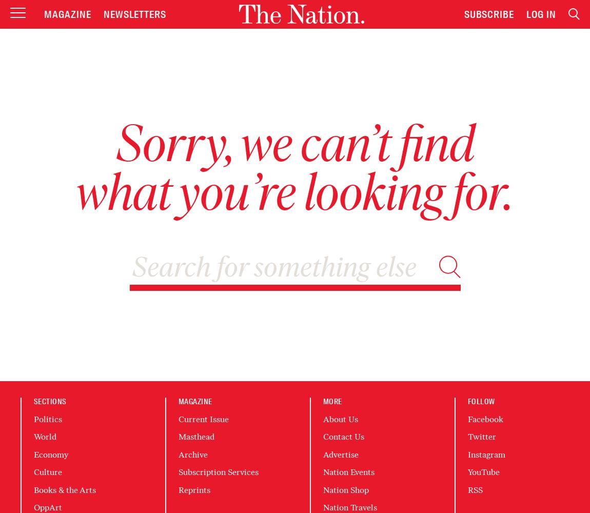  I want to click on 'Subscribe', so click(489, 14).